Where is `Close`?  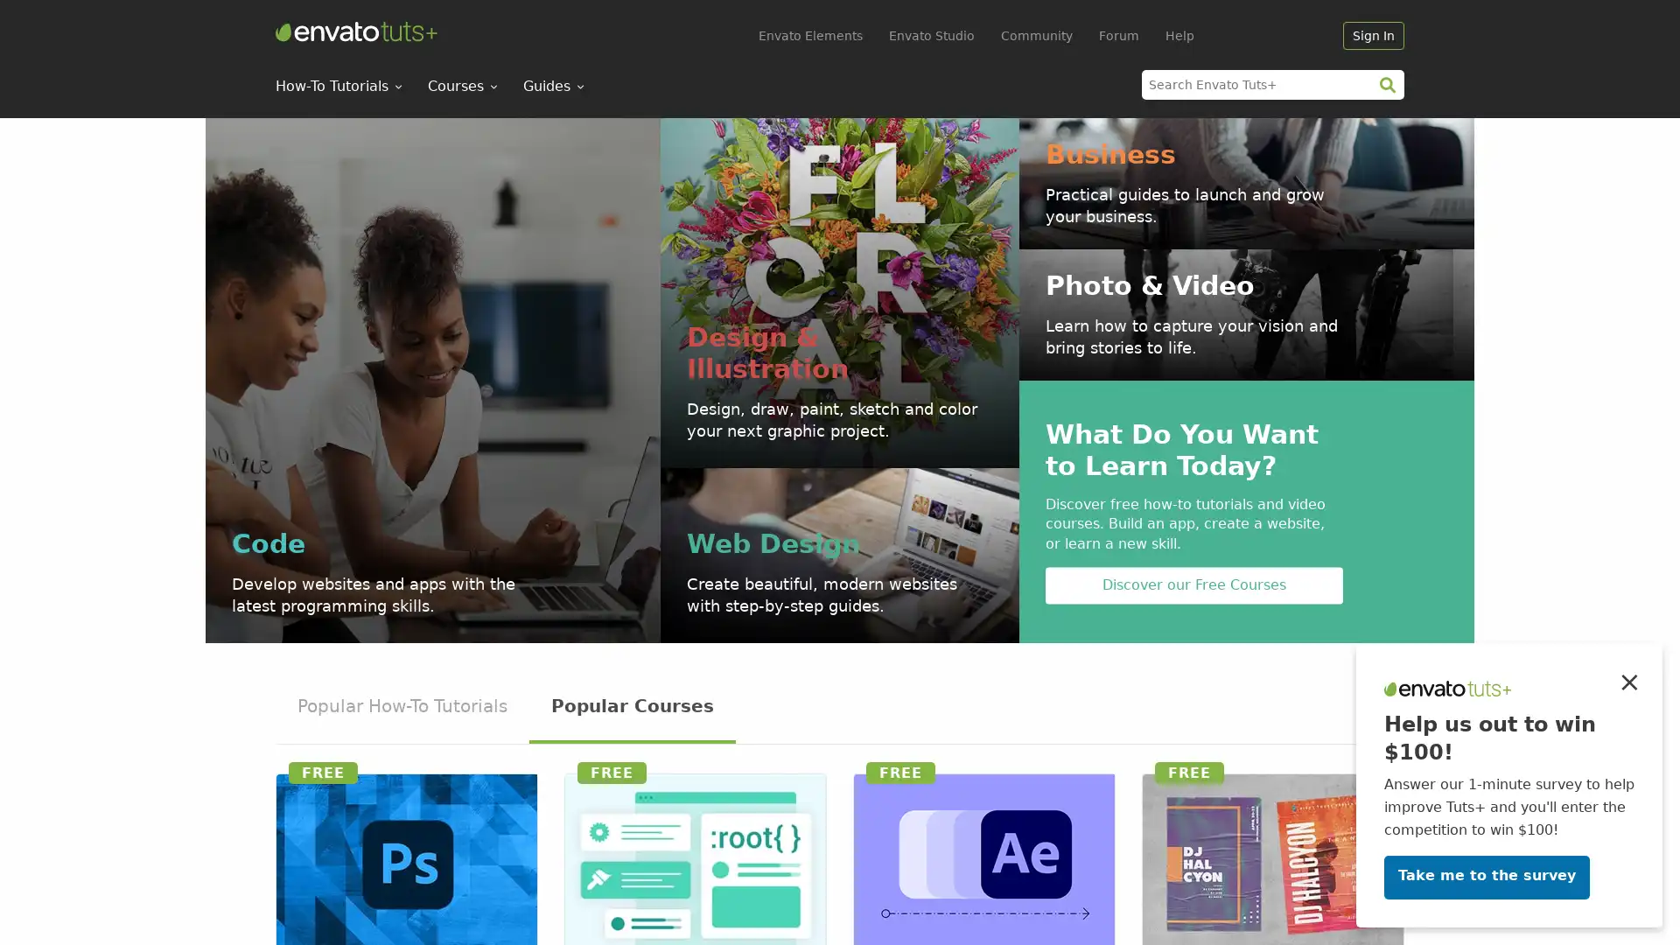 Close is located at coordinates (1628, 681).